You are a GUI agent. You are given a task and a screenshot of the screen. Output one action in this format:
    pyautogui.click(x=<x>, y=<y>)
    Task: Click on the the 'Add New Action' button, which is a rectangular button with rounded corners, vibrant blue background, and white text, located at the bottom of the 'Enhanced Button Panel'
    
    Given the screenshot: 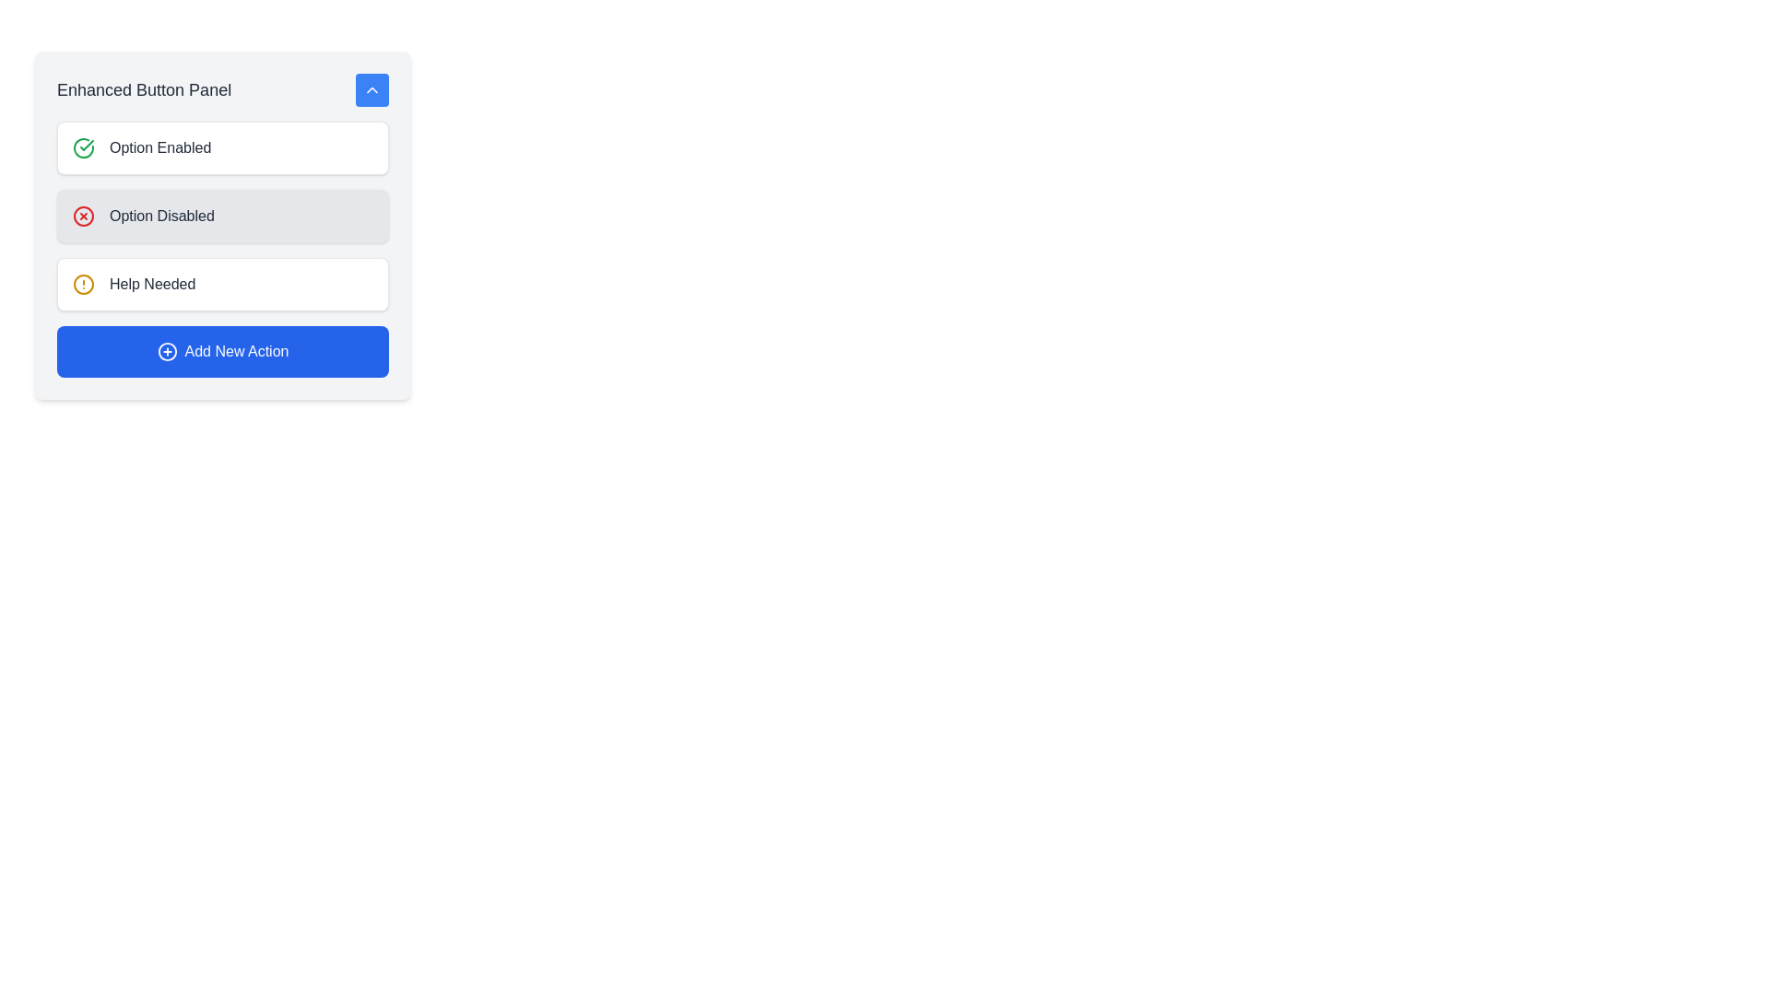 What is the action you would take?
    pyautogui.click(x=221, y=351)
    